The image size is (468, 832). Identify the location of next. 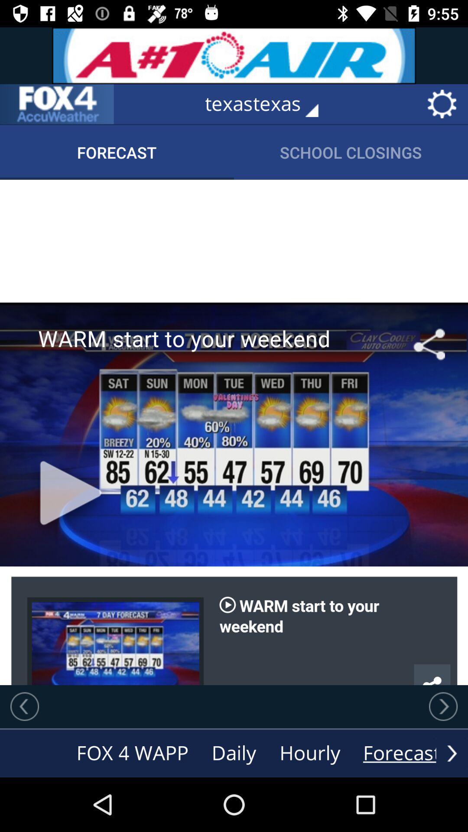
(443, 706).